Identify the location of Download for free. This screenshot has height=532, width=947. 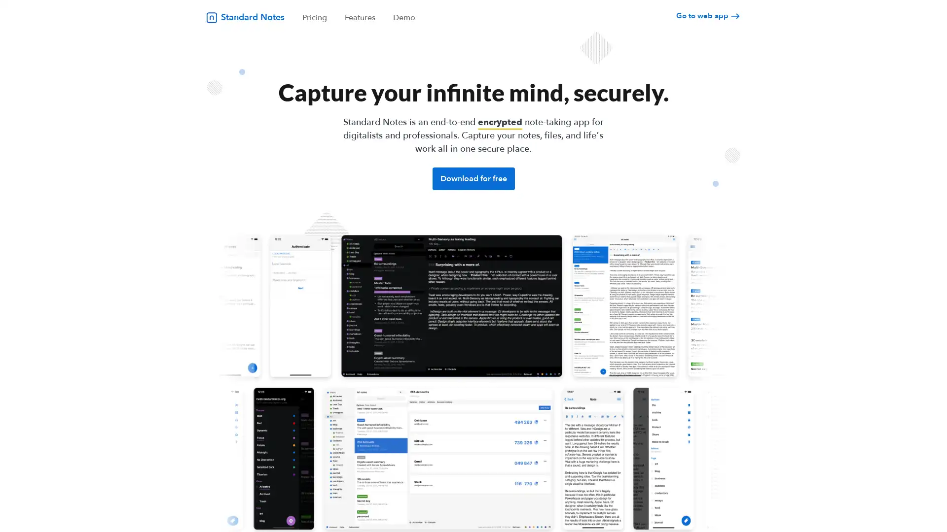
(473, 178).